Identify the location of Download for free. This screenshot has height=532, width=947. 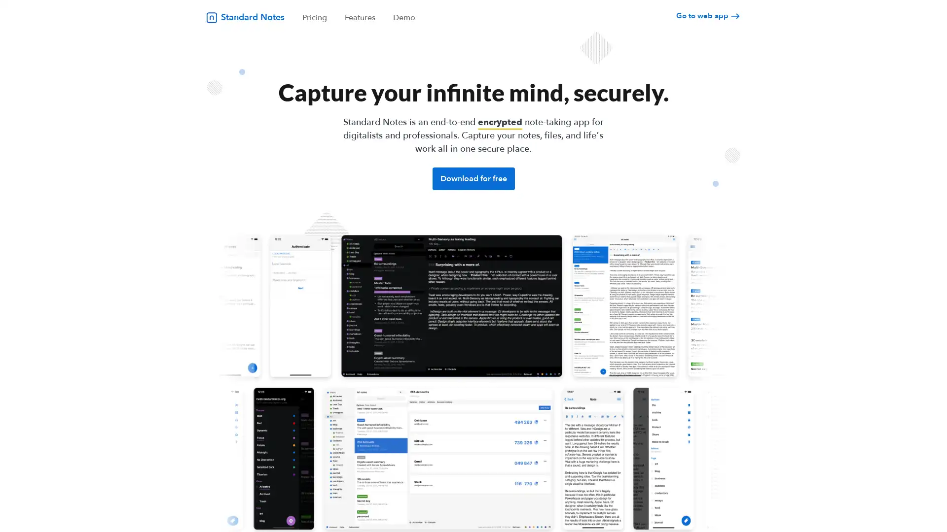
(473, 178).